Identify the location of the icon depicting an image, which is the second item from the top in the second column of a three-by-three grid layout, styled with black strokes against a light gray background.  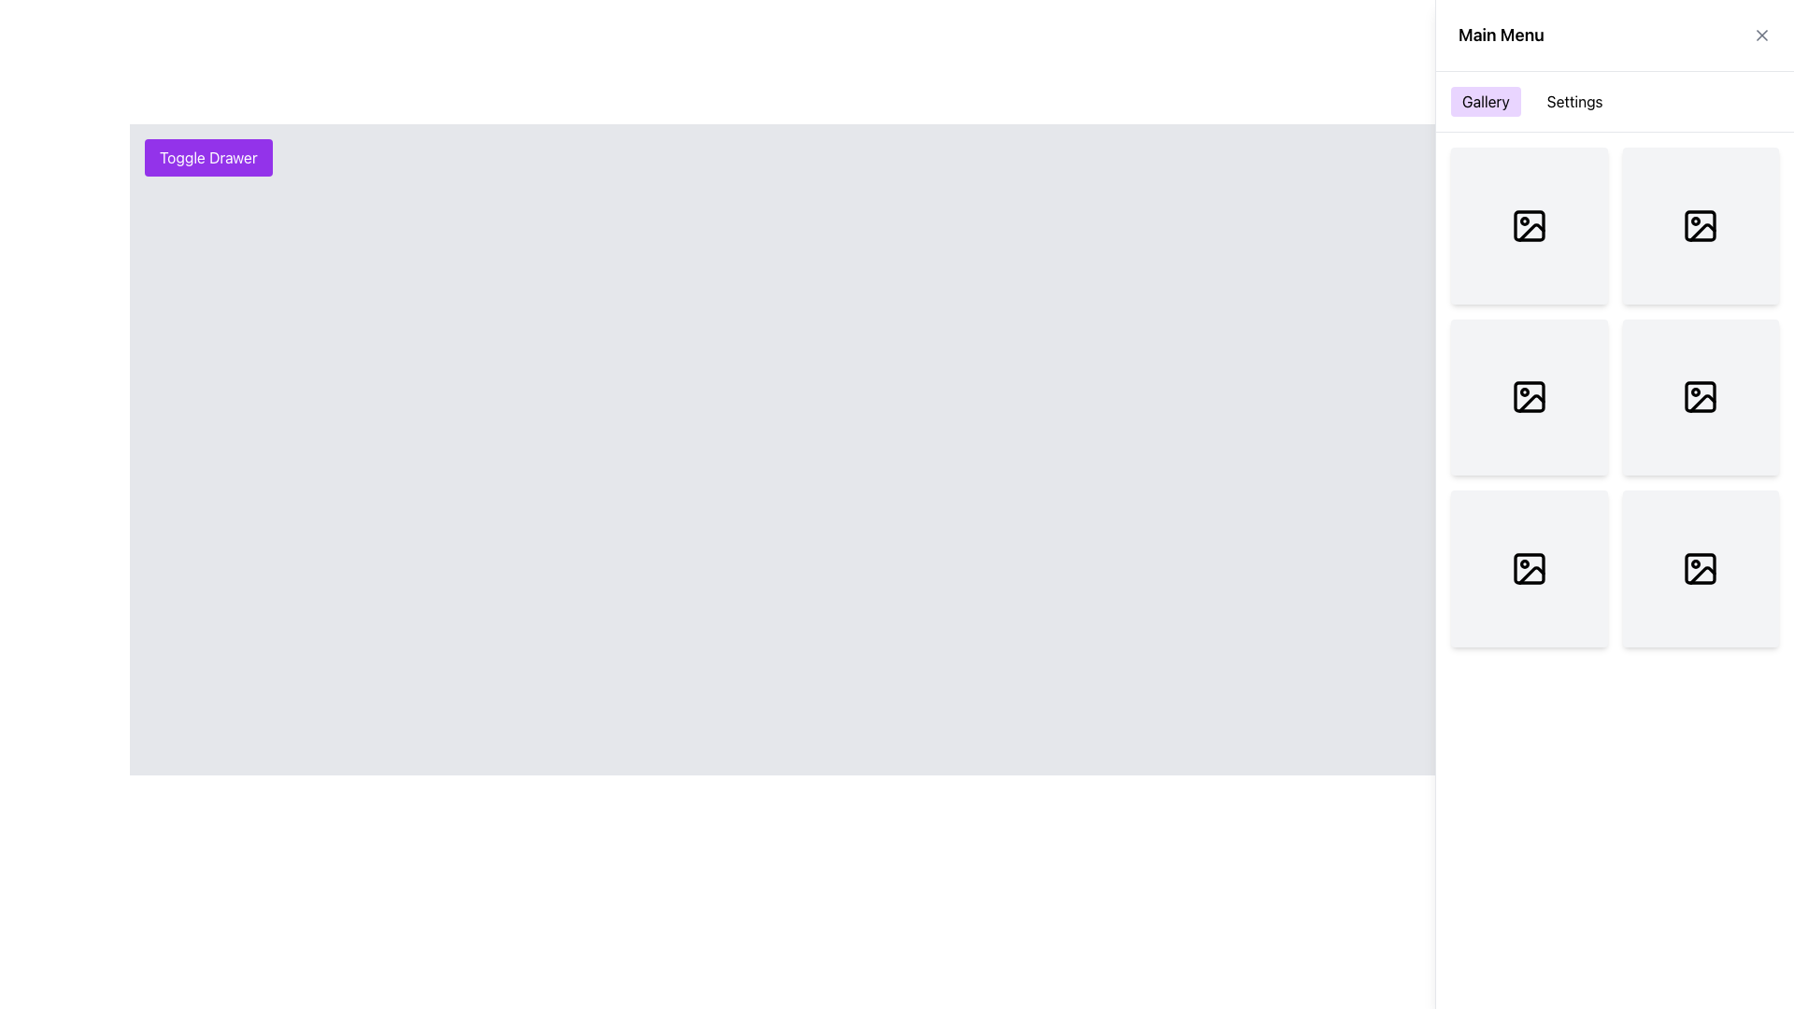
(1529, 396).